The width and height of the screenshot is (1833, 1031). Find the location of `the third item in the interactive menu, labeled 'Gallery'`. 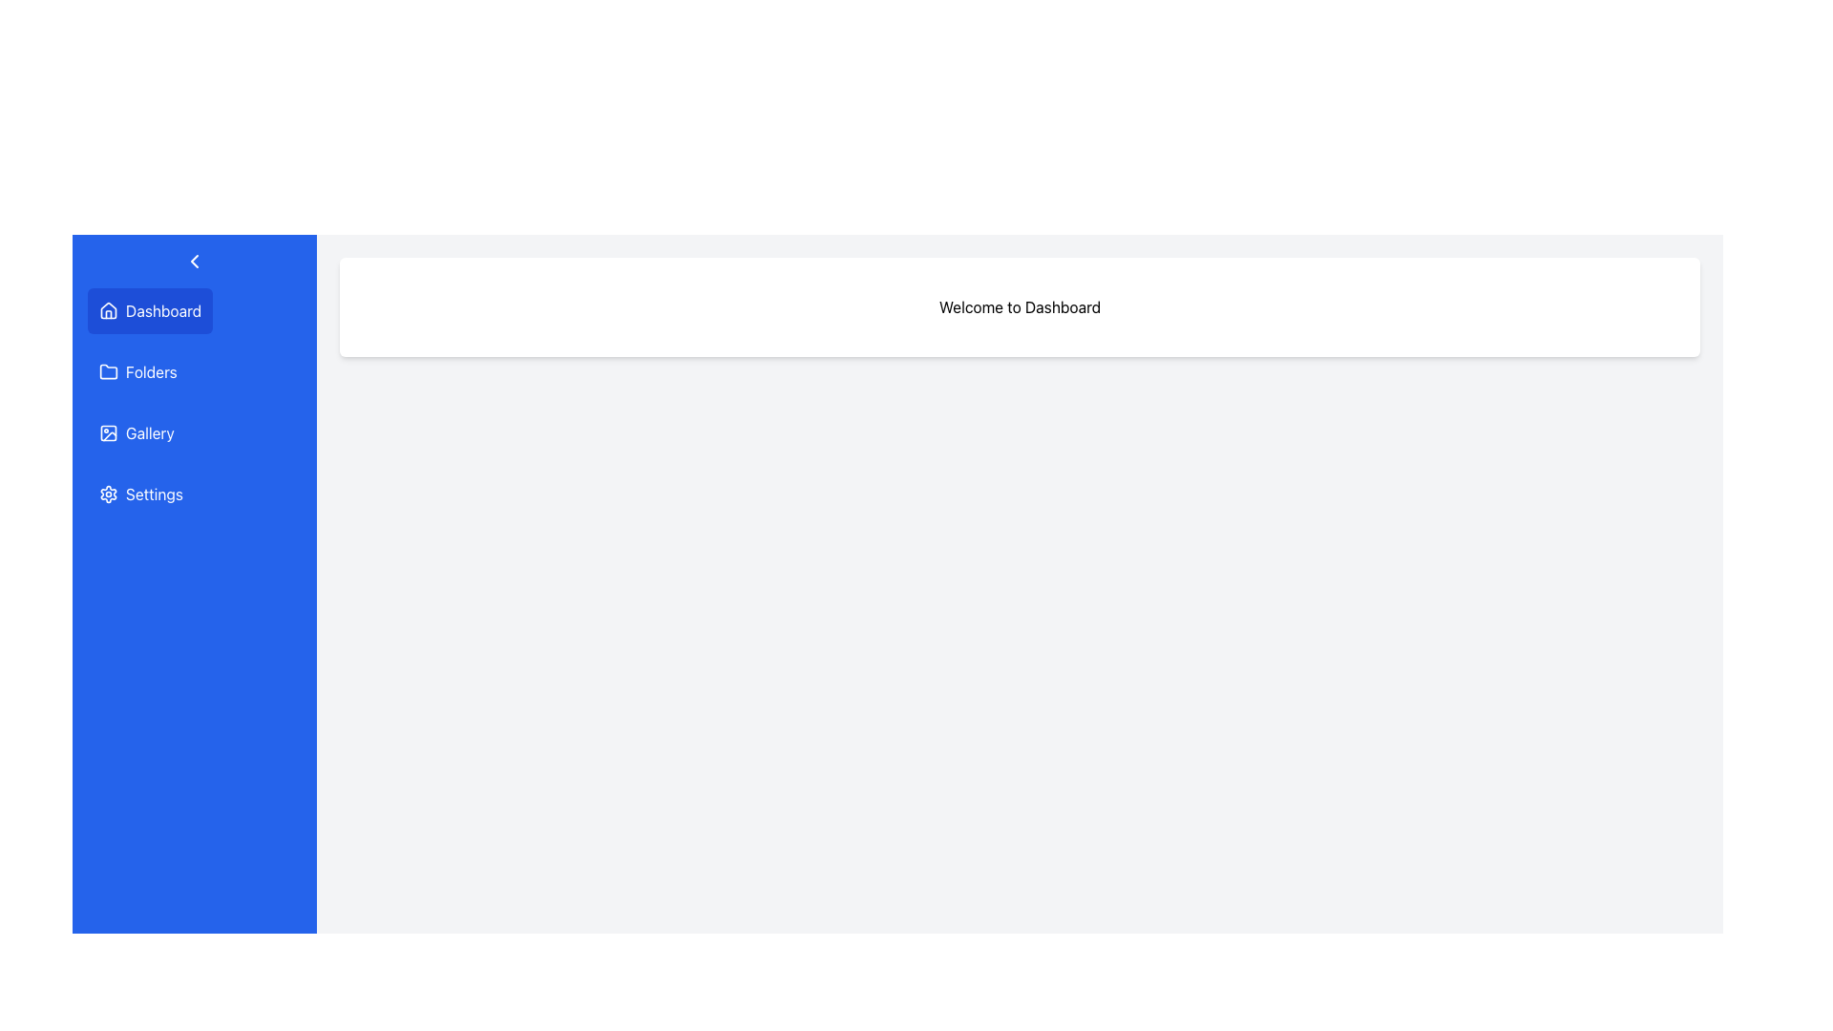

the third item in the interactive menu, labeled 'Gallery' is located at coordinates (194, 401).